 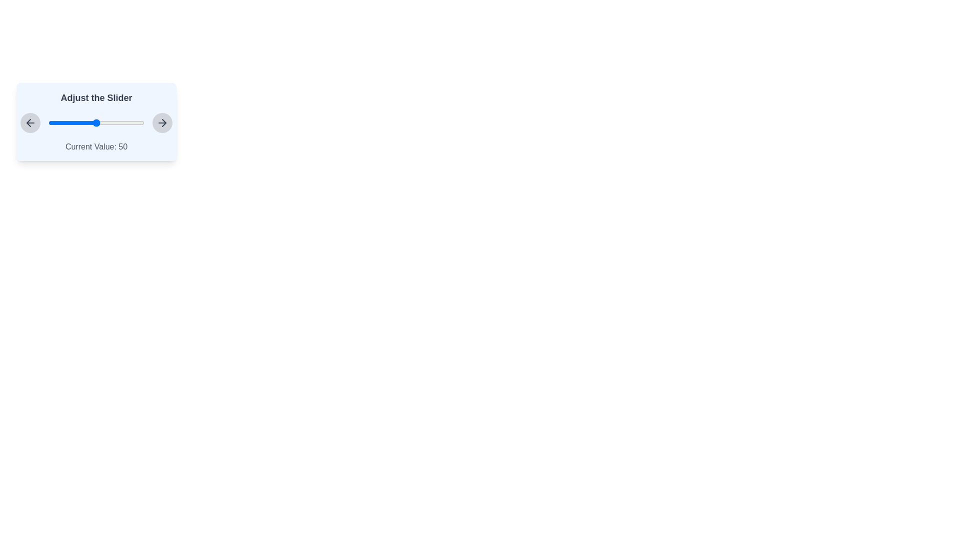 What do you see at coordinates (93, 122) in the screenshot?
I see `the slider` at bounding box center [93, 122].